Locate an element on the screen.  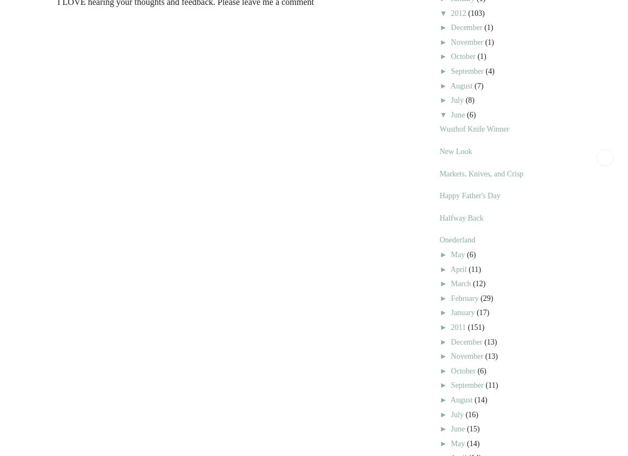
'(29)' is located at coordinates (487, 298).